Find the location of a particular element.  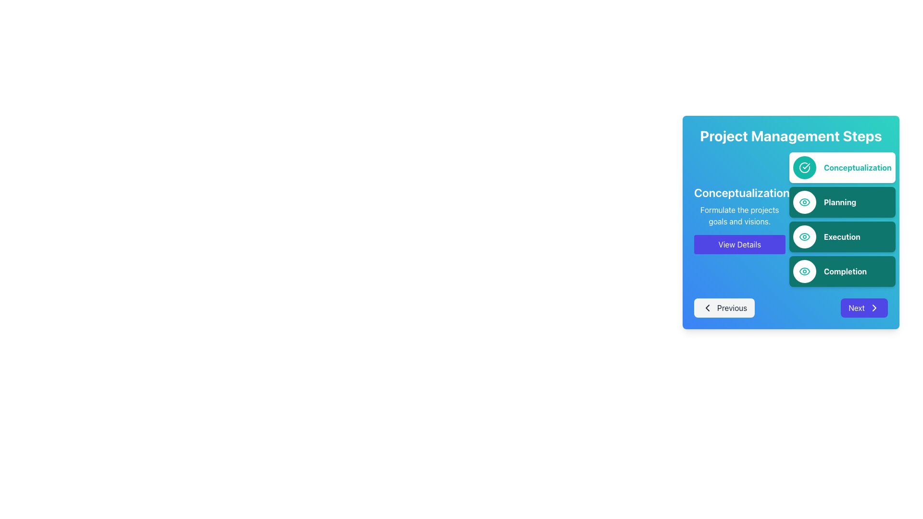

the circular icon with a teal background and white checkmark, located to the left of the text 'Conceptualization' in the card-style layout is located at coordinates (804, 167).